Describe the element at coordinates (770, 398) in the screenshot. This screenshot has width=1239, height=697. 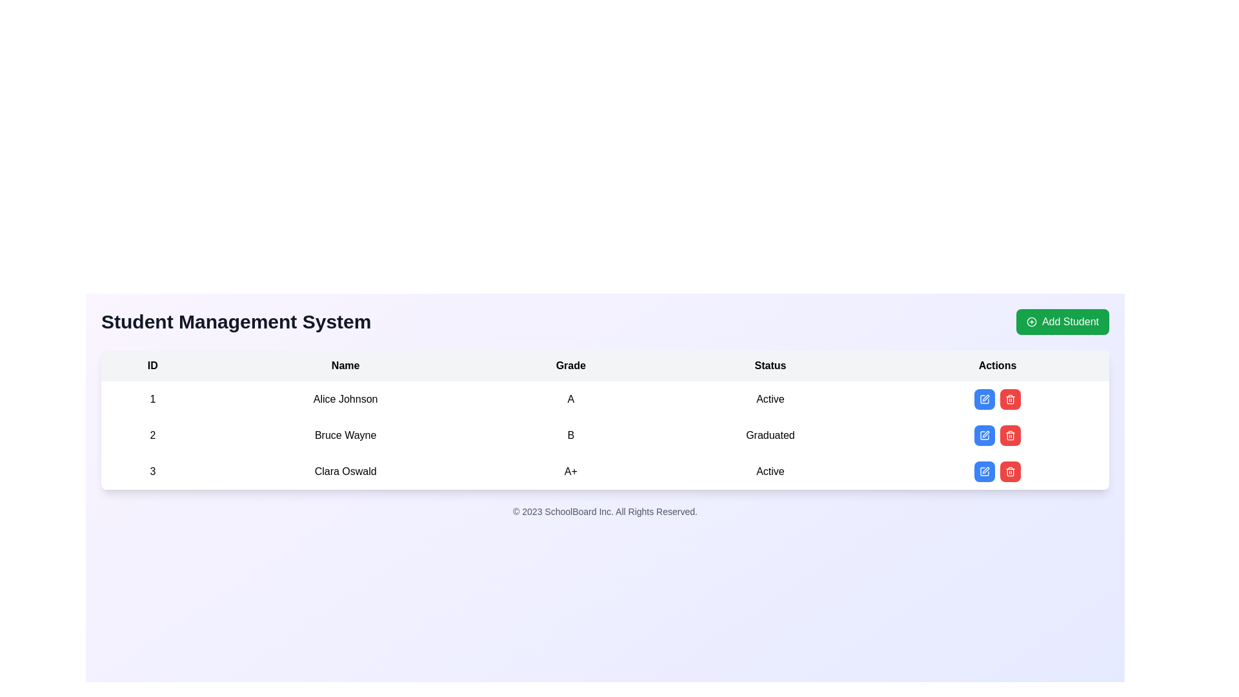
I see `the 'Active' status indicator for the student Alice Johnson, which is located in the fourth column of the first row under the header 'Status'` at that location.